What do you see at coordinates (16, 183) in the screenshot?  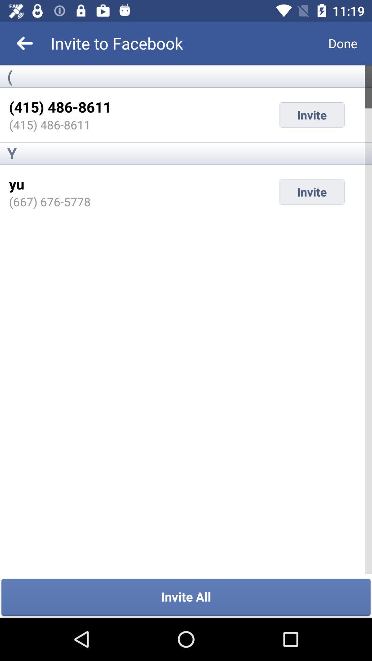 I see `the icon below y item` at bounding box center [16, 183].